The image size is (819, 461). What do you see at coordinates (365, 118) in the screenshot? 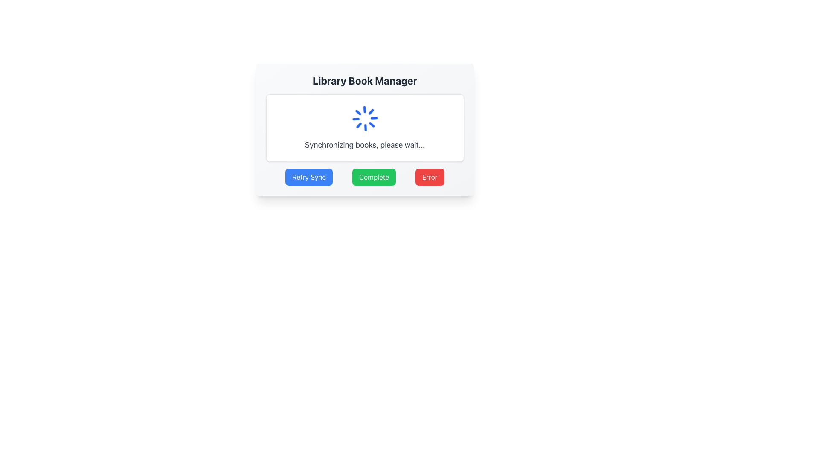
I see `the loading spinner graphic located at the center of the card, which consists of a circular arrangement of blue lines and is positioned above the text 'Synchronizing books, please wait...'` at bounding box center [365, 118].